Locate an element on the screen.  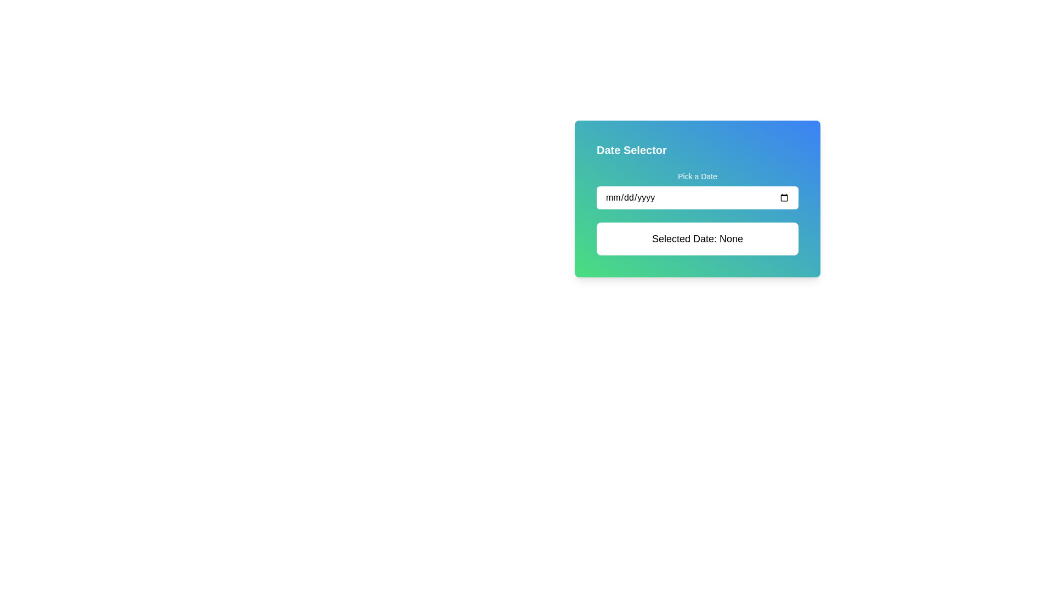
the date input field labeled 'Pick a Date' is located at coordinates (697, 190).